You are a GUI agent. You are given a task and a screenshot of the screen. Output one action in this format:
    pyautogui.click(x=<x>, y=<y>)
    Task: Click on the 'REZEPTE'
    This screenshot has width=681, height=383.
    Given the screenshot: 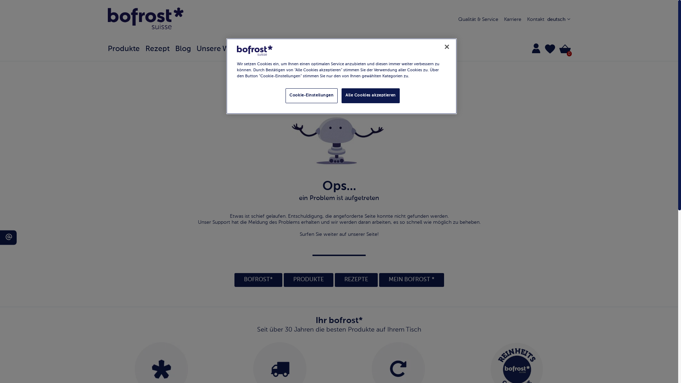 What is the action you would take?
    pyautogui.click(x=356, y=279)
    